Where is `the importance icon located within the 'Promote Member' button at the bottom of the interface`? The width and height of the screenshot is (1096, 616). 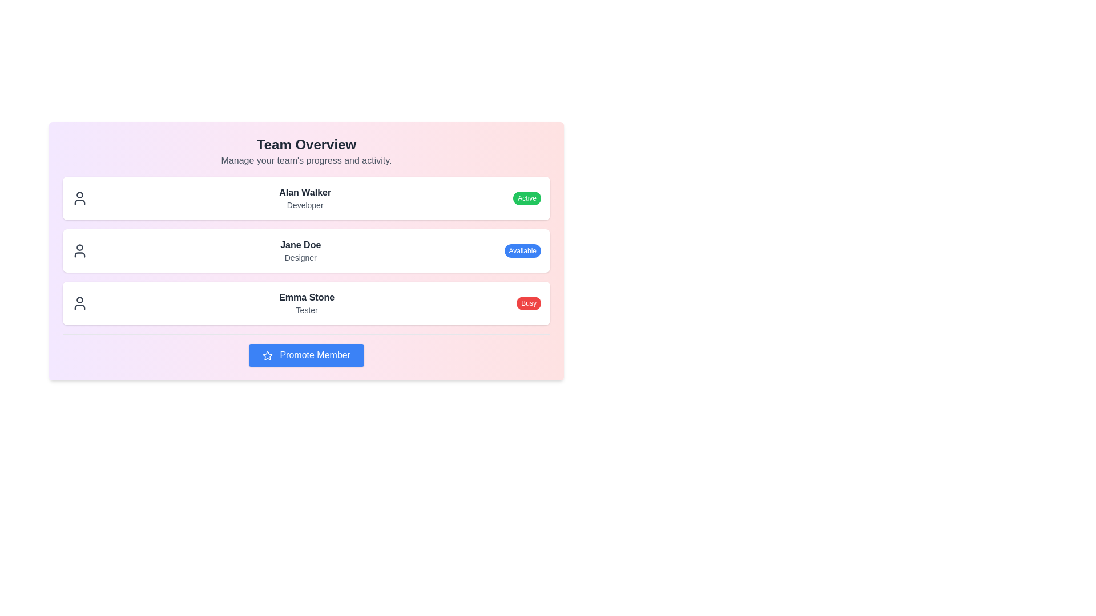
the importance icon located within the 'Promote Member' button at the bottom of the interface is located at coordinates (267, 355).